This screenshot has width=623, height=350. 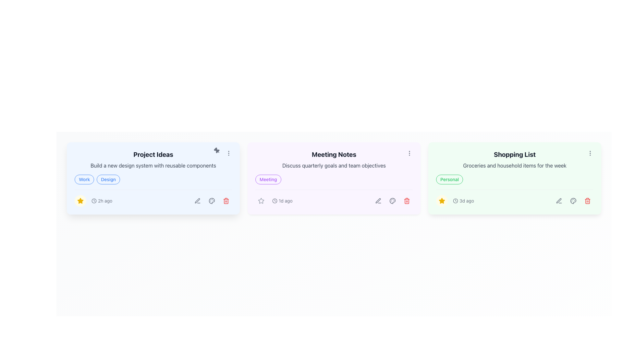 I want to click on the small red trash icon button located at the far right of the interaction options beneath the 'Meeting Notes' card, so click(x=406, y=201).